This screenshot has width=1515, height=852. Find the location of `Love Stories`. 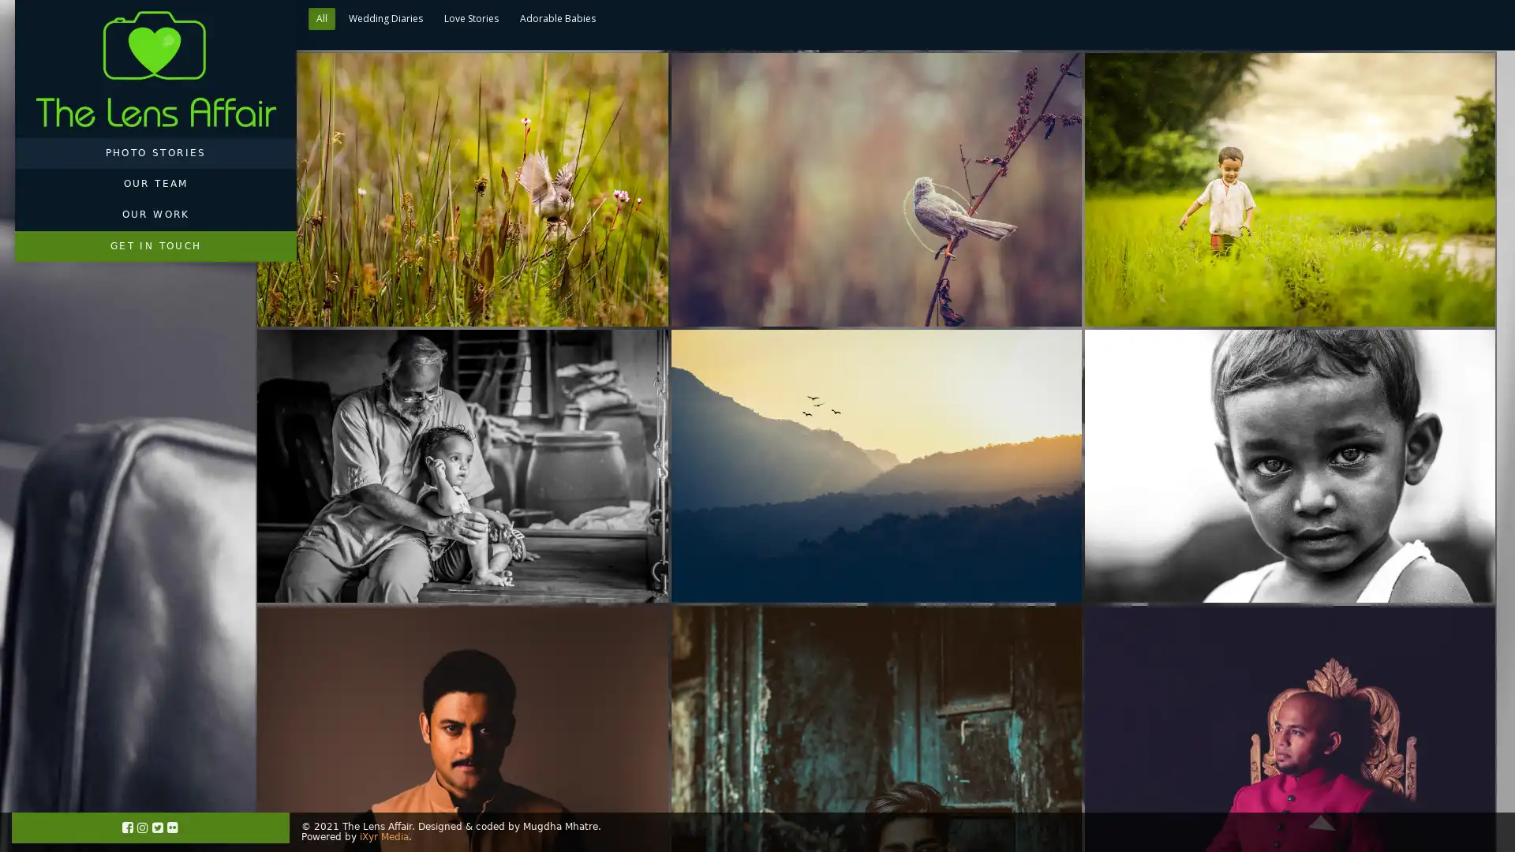

Love Stories is located at coordinates (469, 18).